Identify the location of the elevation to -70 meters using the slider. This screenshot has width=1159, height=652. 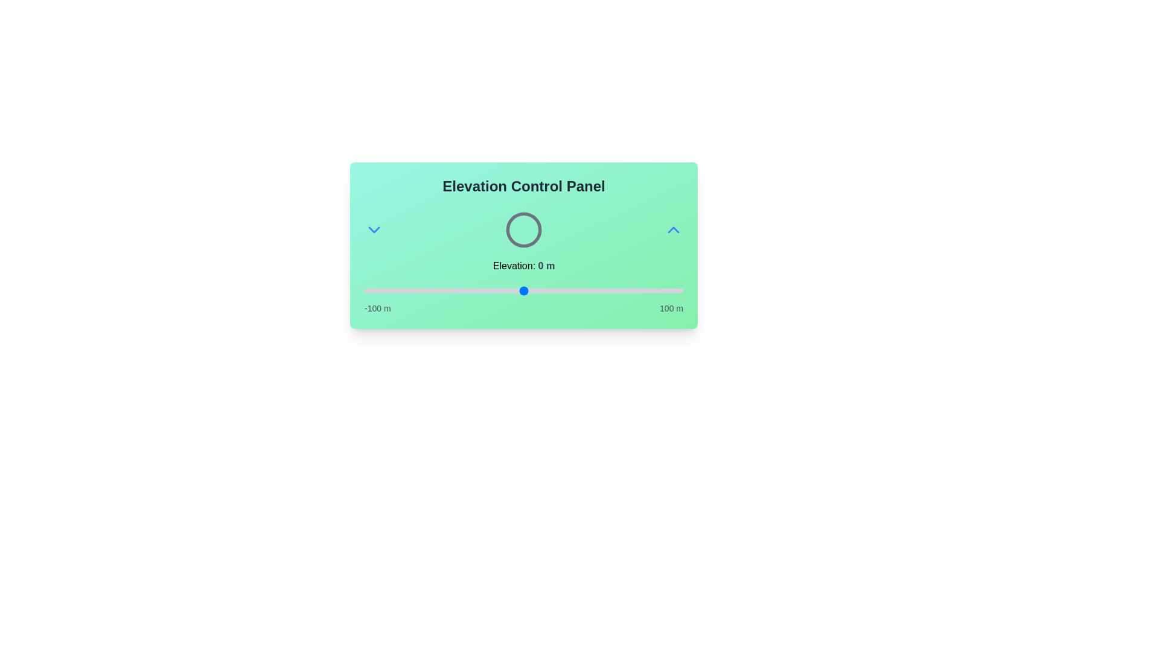
(412, 291).